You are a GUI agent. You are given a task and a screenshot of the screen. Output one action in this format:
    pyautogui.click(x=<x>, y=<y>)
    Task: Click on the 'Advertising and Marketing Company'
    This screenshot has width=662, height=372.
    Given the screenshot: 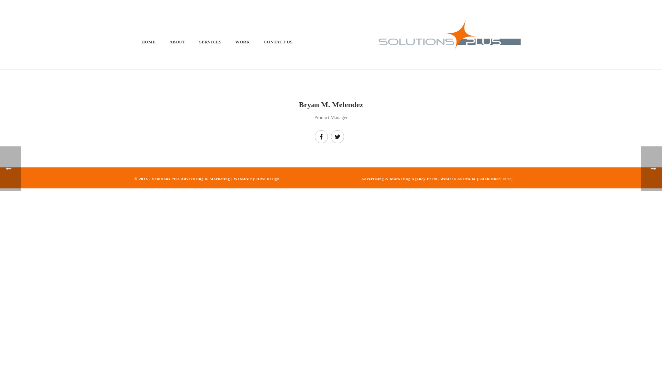 What is the action you would take?
    pyautogui.click(x=450, y=34)
    